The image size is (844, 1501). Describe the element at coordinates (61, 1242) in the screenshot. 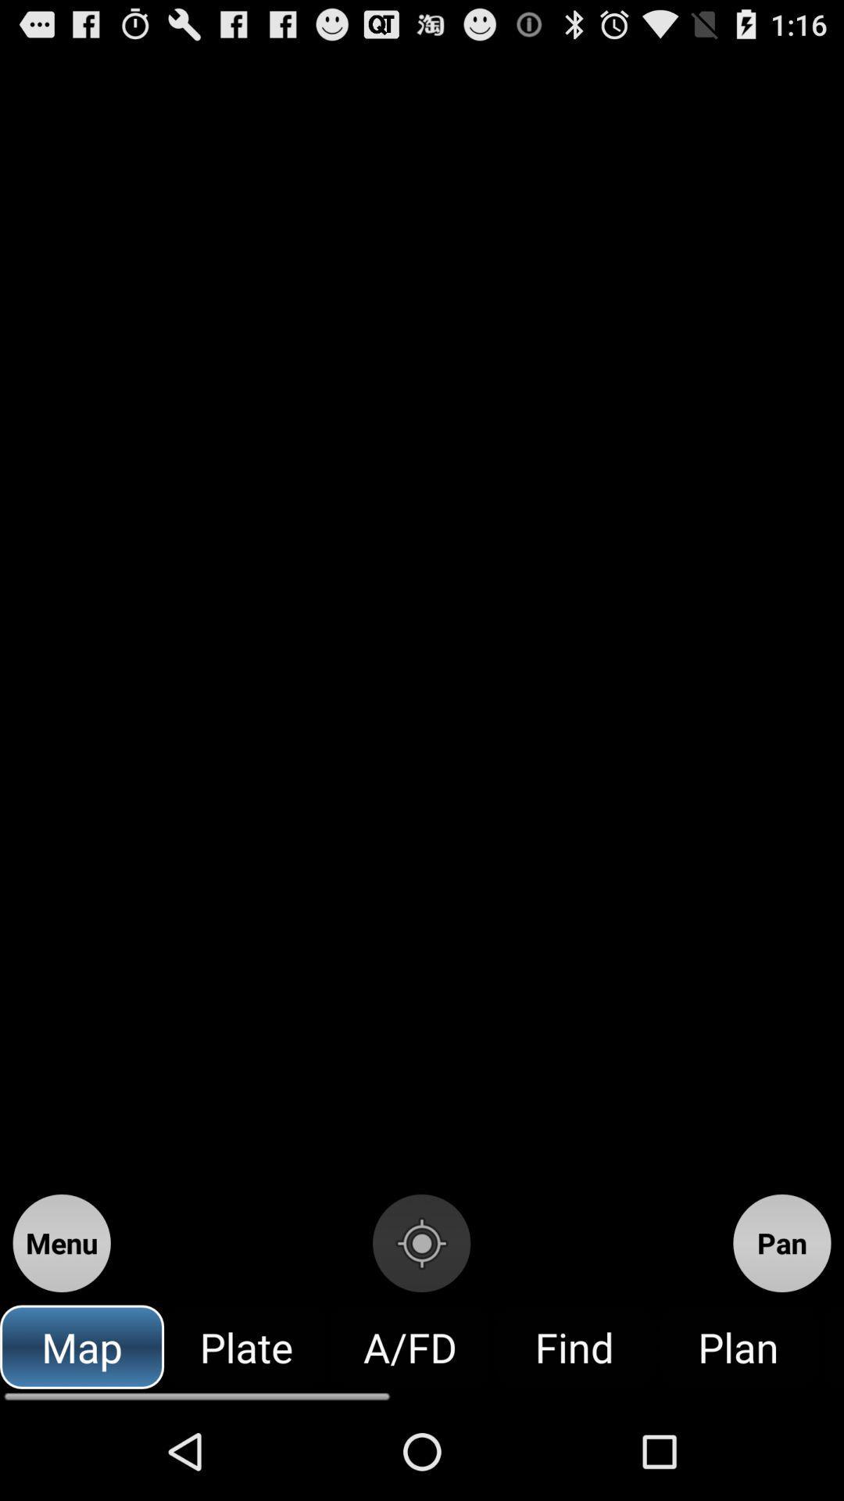

I see `item above the map icon` at that location.